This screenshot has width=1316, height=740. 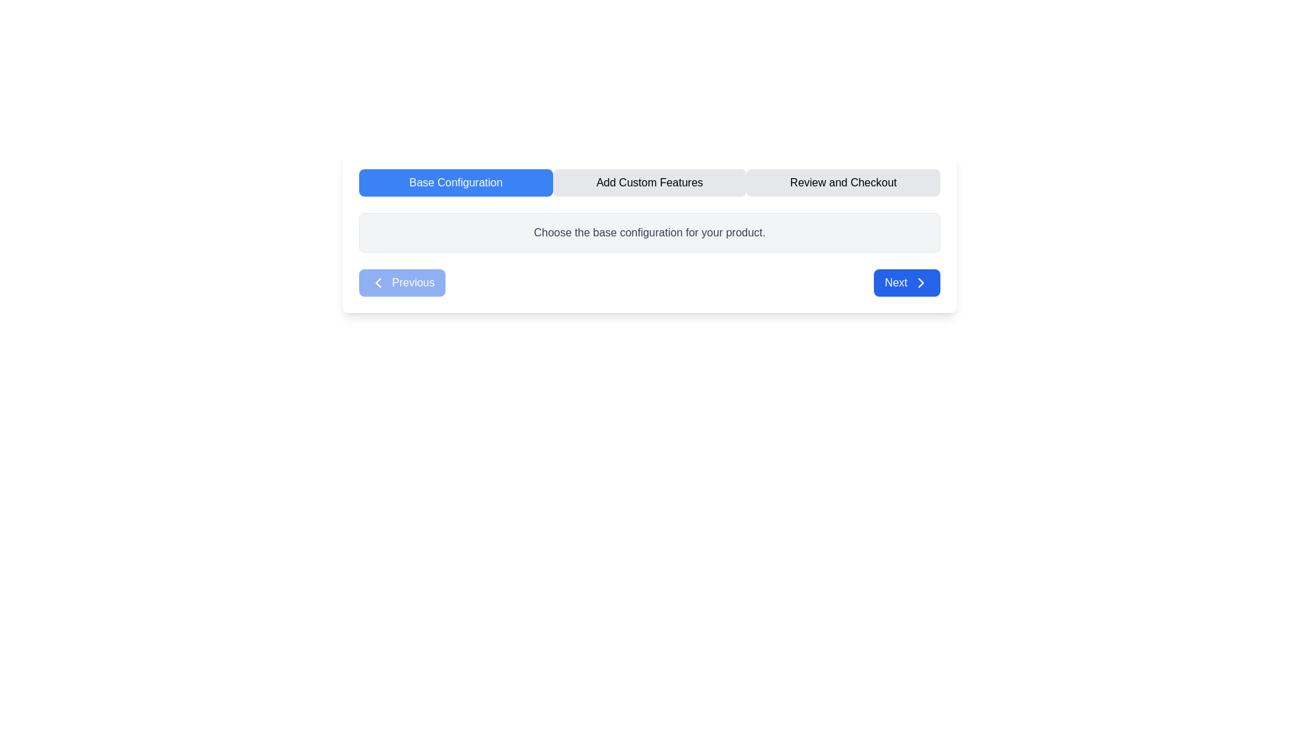 I want to click on the left-facing chevron icon located inside the blue 'Previous' button, which has white text, so click(x=378, y=282).